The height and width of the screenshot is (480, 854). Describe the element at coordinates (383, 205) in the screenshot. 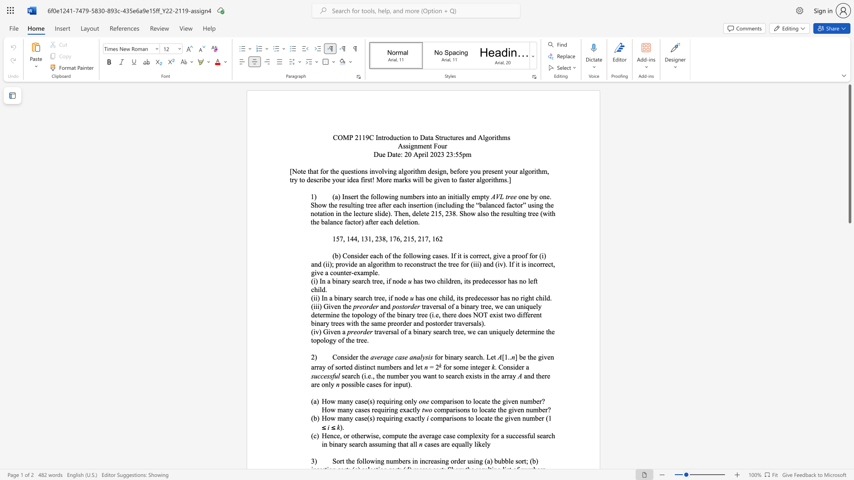

I see `the subset text "ter each insertion (including t" within the text "one by one. Show the resulting tree after each insertion (including the “balanced factor” using the notation in the lecture slide). Then, delete 215, 238. Show also the resulting tree (with the balance factor) after each deletion."` at that location.